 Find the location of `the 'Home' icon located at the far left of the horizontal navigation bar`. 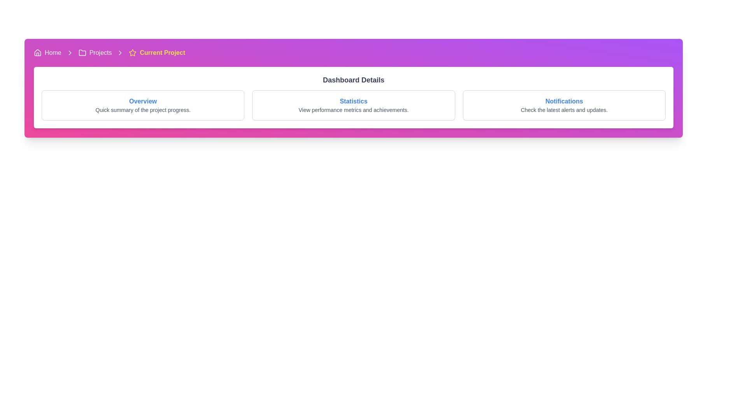

the 'Home' icon located at the far left of the horizontal navigation bar is located at coordinates (37, 52).